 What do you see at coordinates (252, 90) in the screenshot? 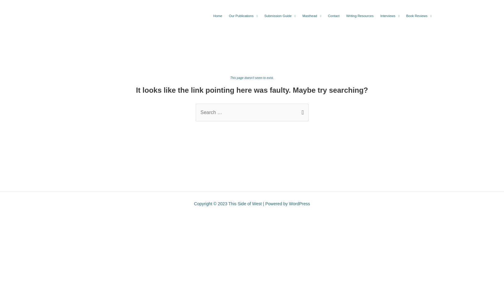
I see `'It looks like the link pointing here was faulty. Maybe try searching?'` at bounding box center [252, 90].